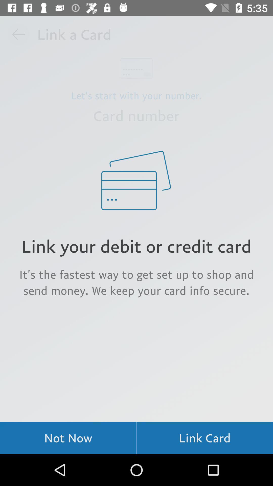 The image size is (273, 486). What do you see at coordinates (136, 282) in the screenshot?
I see `the it s the item` at bounding box center [136, 282].